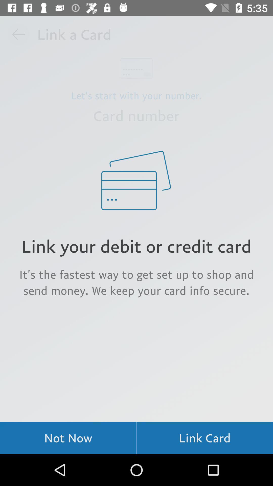 The image size is (273, 486). What do you see at coordinates (136, 282) in the screenshot?
I see `the it s the item` at bounding box center [136, 282].